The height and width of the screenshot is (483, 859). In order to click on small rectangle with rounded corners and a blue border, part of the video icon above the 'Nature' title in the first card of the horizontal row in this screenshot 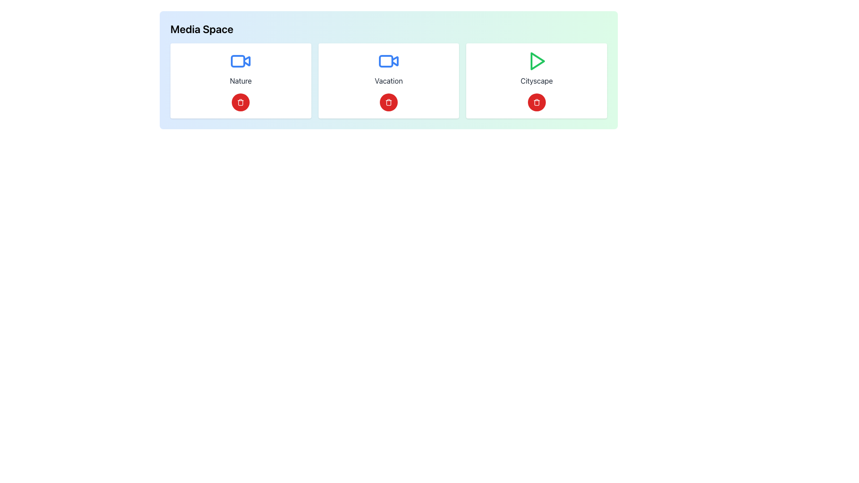, I will do `click(238, 61)`.